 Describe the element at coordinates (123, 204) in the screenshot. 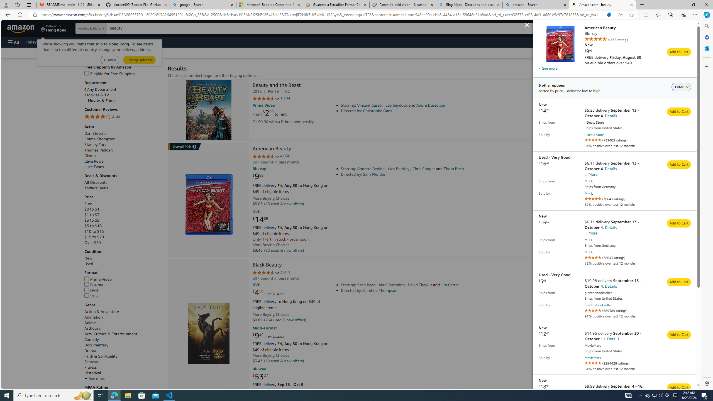

I see `'Free'` at that location.